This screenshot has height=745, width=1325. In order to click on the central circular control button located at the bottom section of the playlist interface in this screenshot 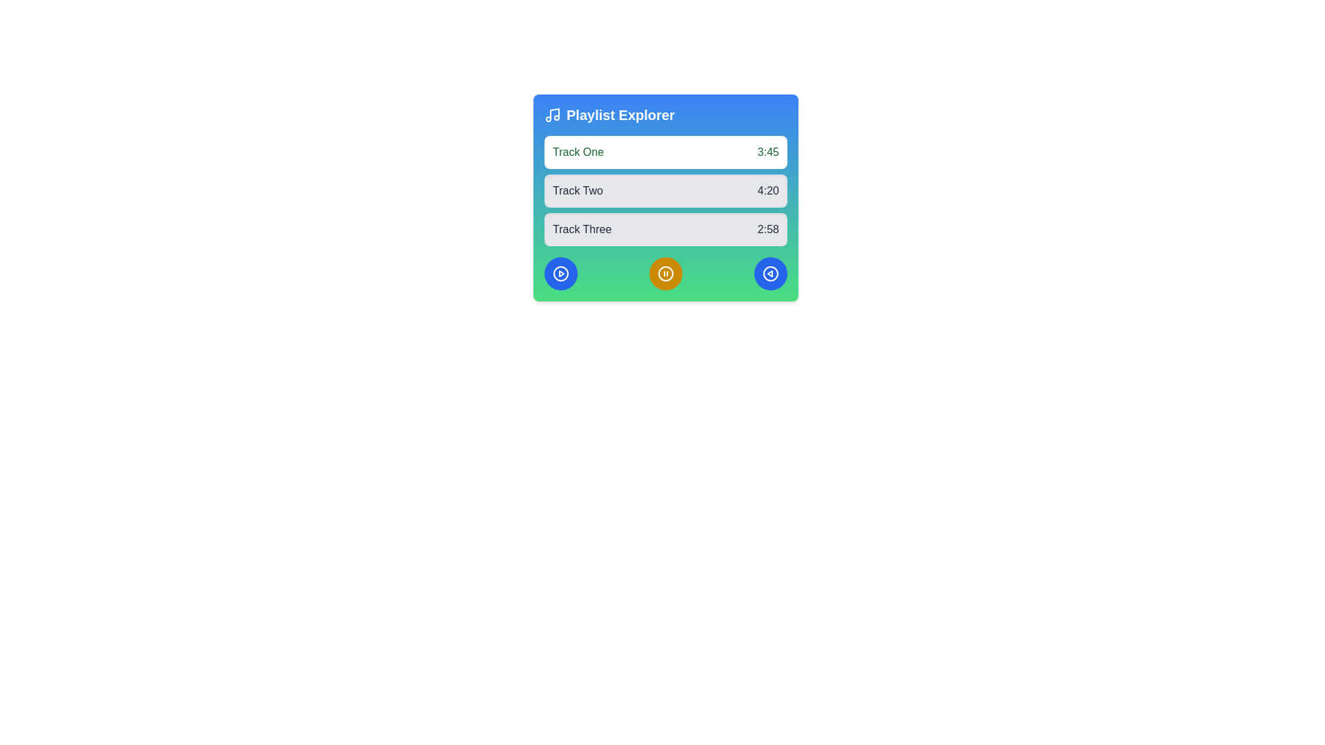, I will do `click(665, 274)`.